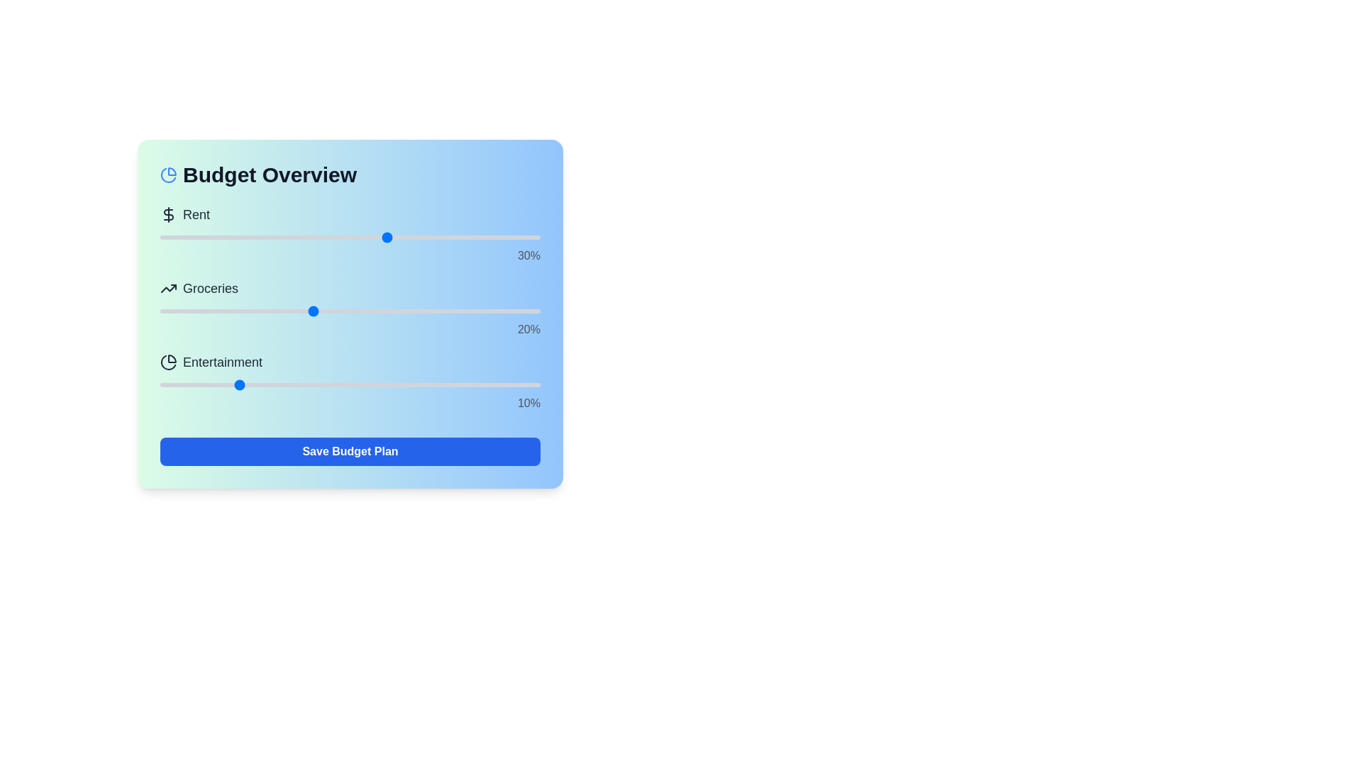  What do you see at coordinates (169, 288) in the screenshot?
I see `the small upwards-trending arrow graph icon located in the 'Groceries' section, adjacent to the 'Groceries' text label` at bounding box center [169, 288].